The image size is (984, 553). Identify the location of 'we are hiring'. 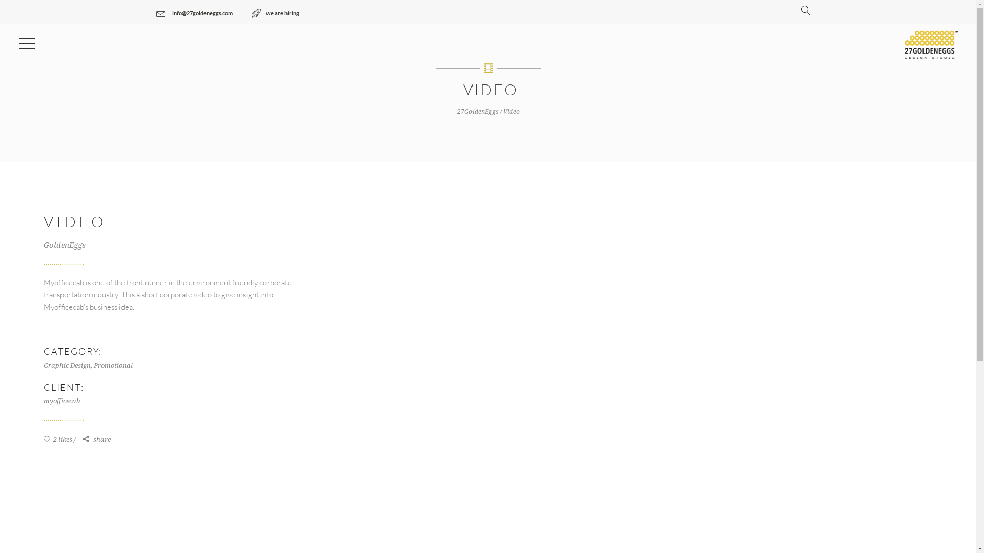
(275, 13).